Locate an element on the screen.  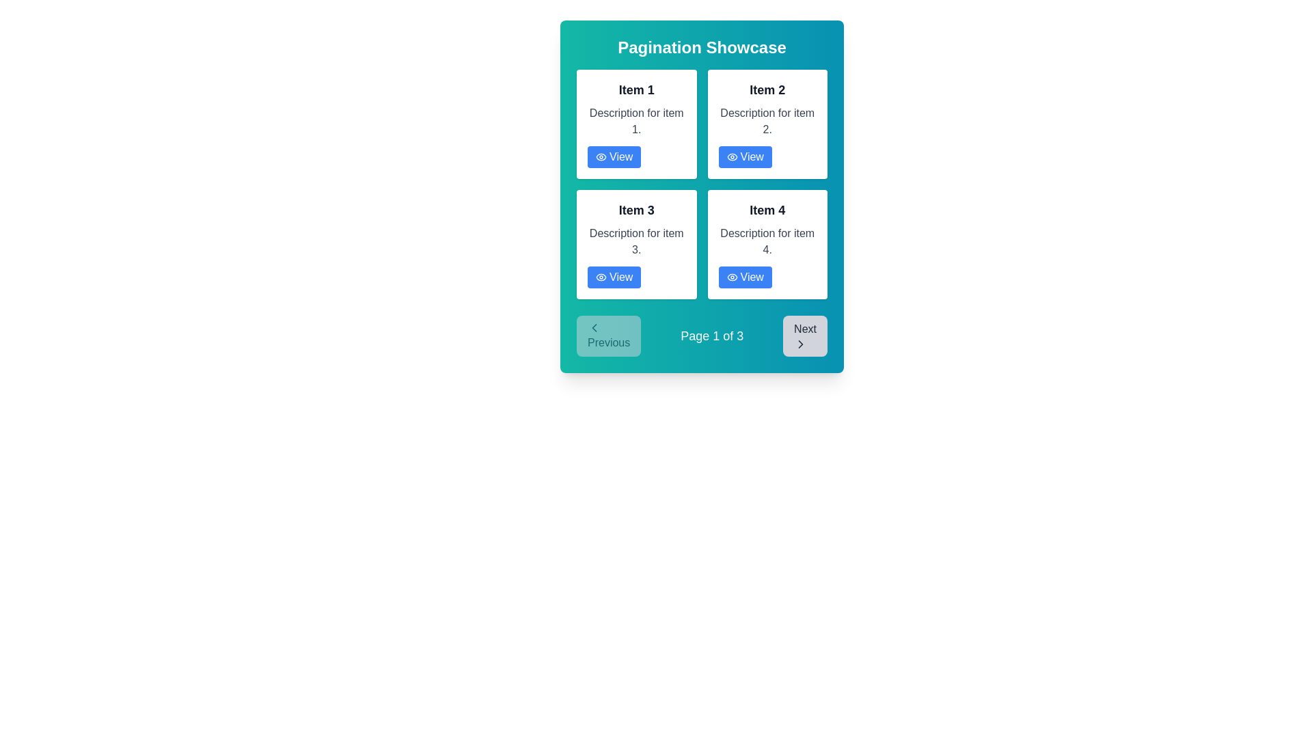
the 'View' button, which contains a graphical icon indicating visibility, located is located at coordinates (601, 156).